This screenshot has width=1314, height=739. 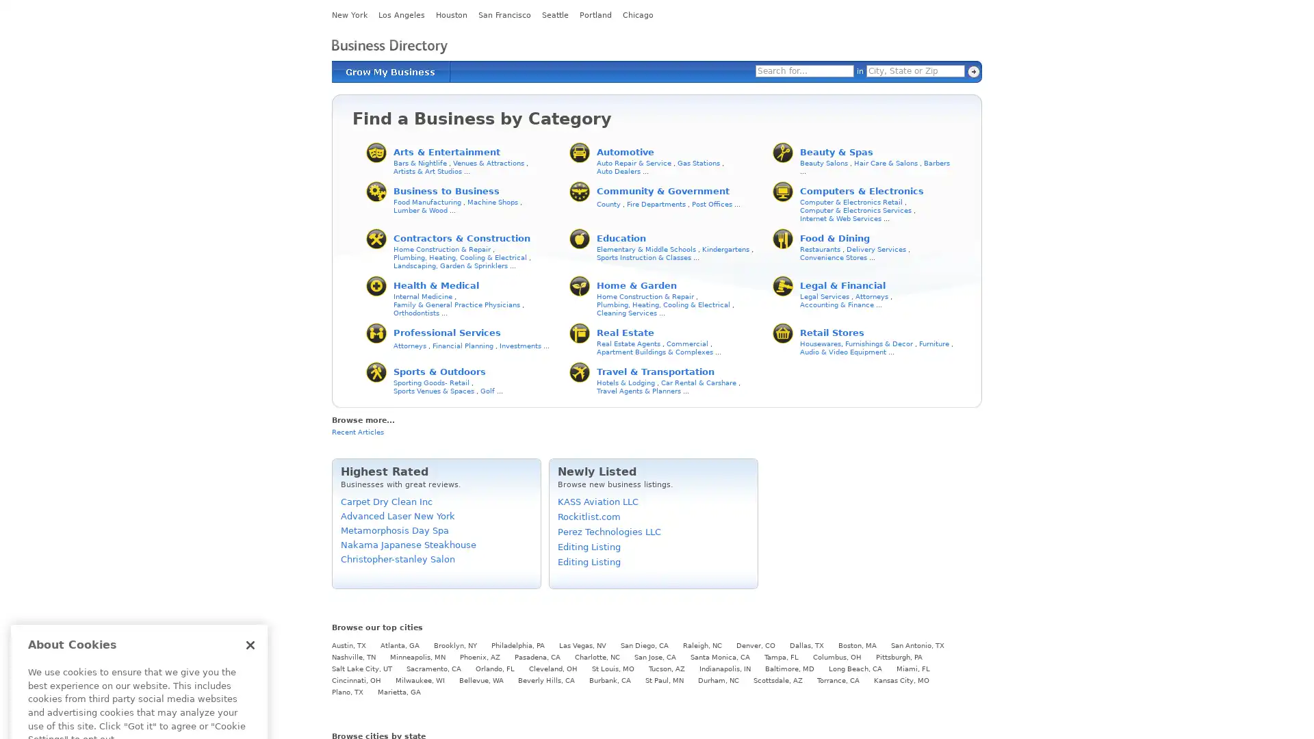 I want to click on Got It, so click(x=139, y=649).